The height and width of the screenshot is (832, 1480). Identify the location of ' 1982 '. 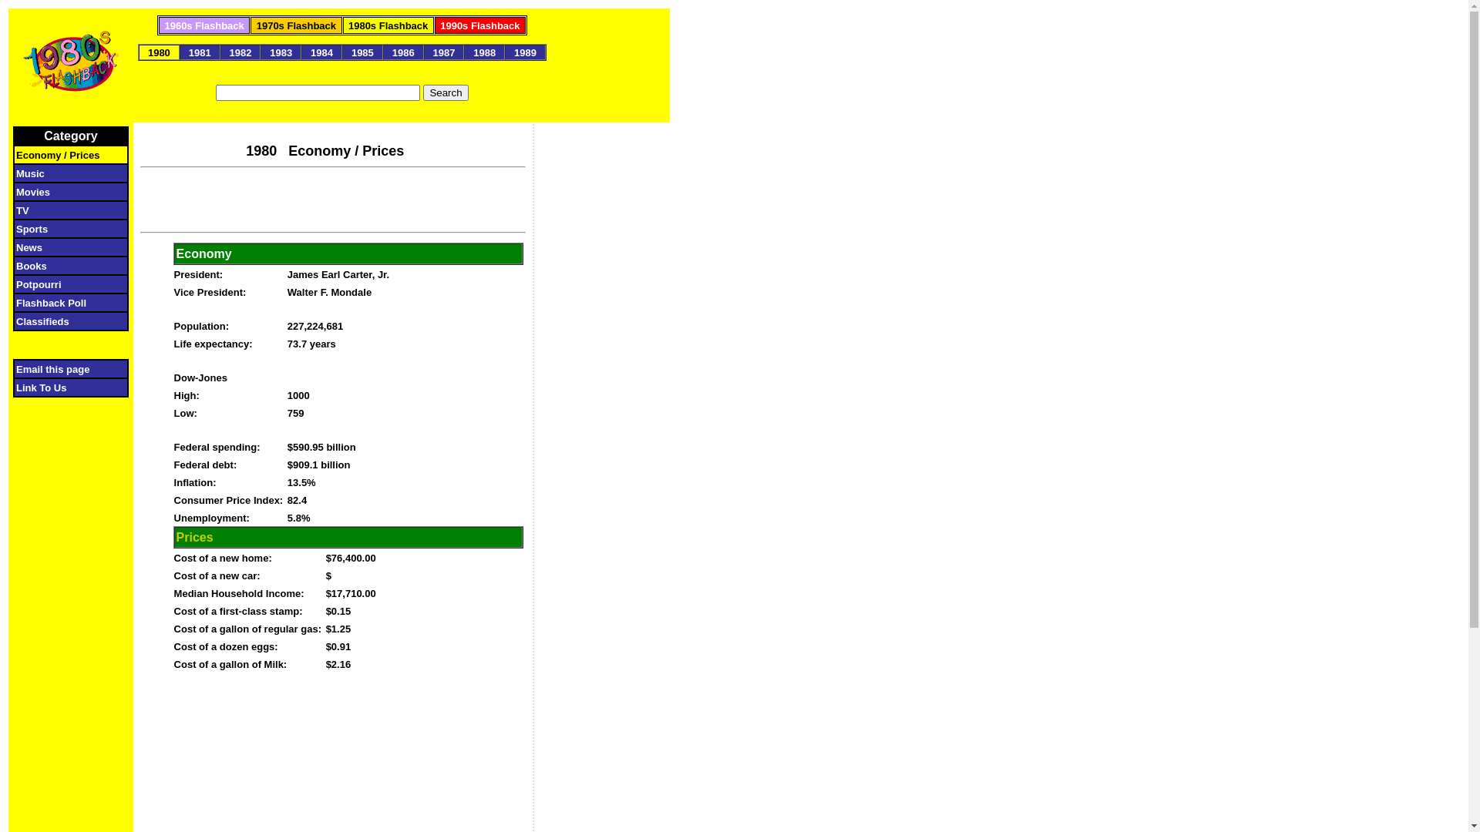
(240, 51).